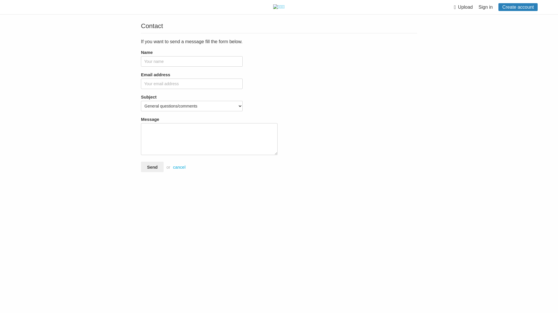 This screenshot has height=313, width=558. Describe the element at coordinates (152, 167) in the screenshot. I see `'Send'` at that location.